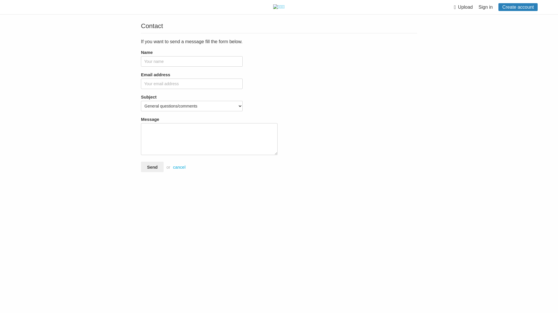 This screenshot has height=313, width=558. Describe the element at coordinates (152, 167) in the screenshot. I see `'Send'` at that location.